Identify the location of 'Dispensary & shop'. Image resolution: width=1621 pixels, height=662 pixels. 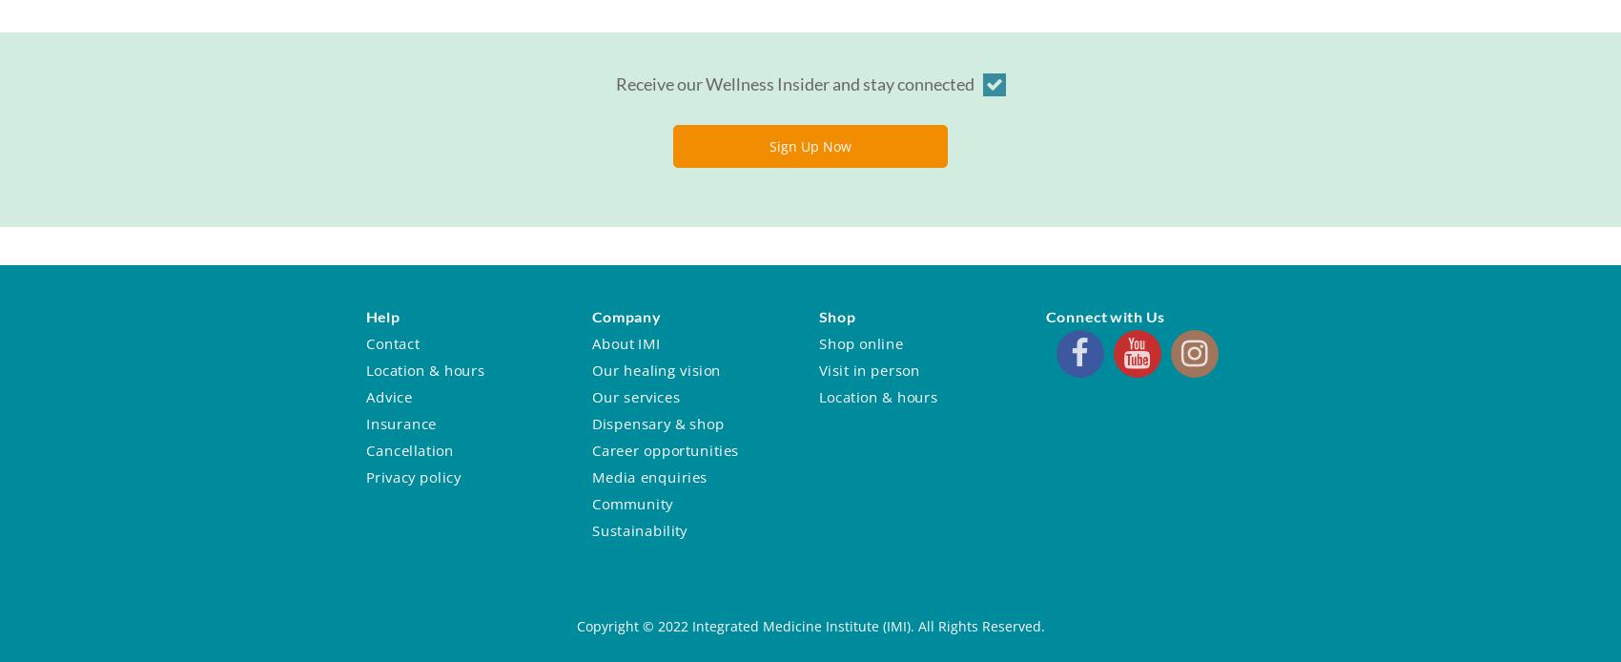
(589, 422).